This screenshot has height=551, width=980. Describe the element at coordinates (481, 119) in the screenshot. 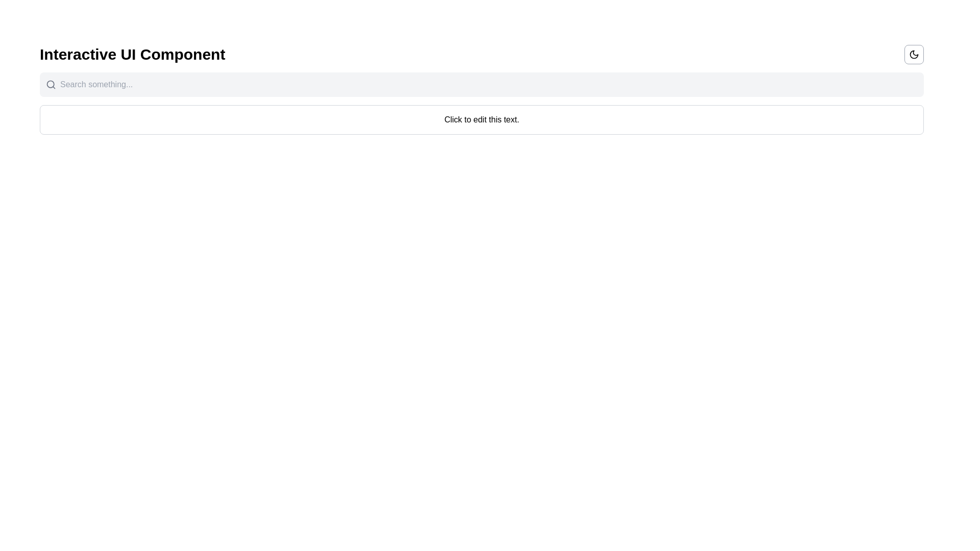

I see `the Editable Text Section located below the search bar` at that location.